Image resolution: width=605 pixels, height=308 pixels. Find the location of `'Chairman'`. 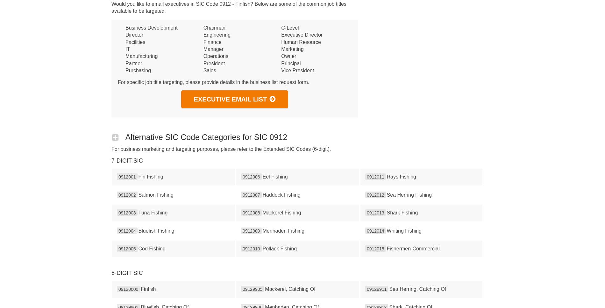

'Chairman' is located at coordinates (214, 27).